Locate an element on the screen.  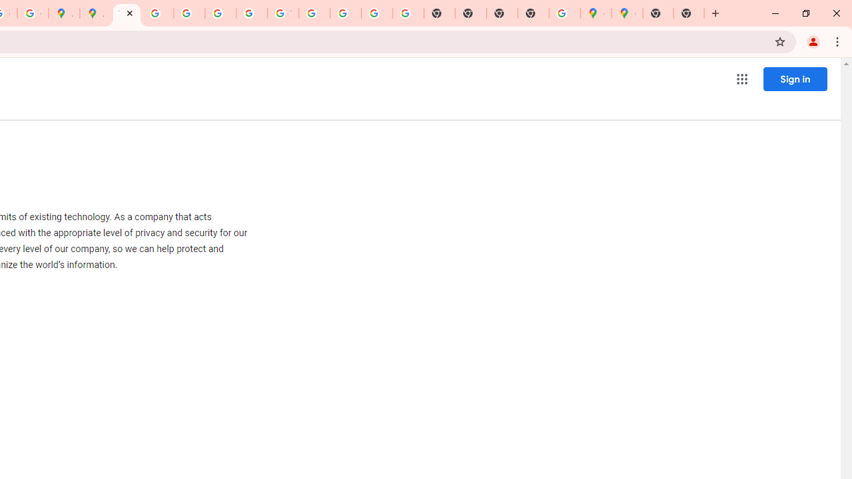
'Privacy Help Center - Policies Help' is located at coordinates (158, 13).